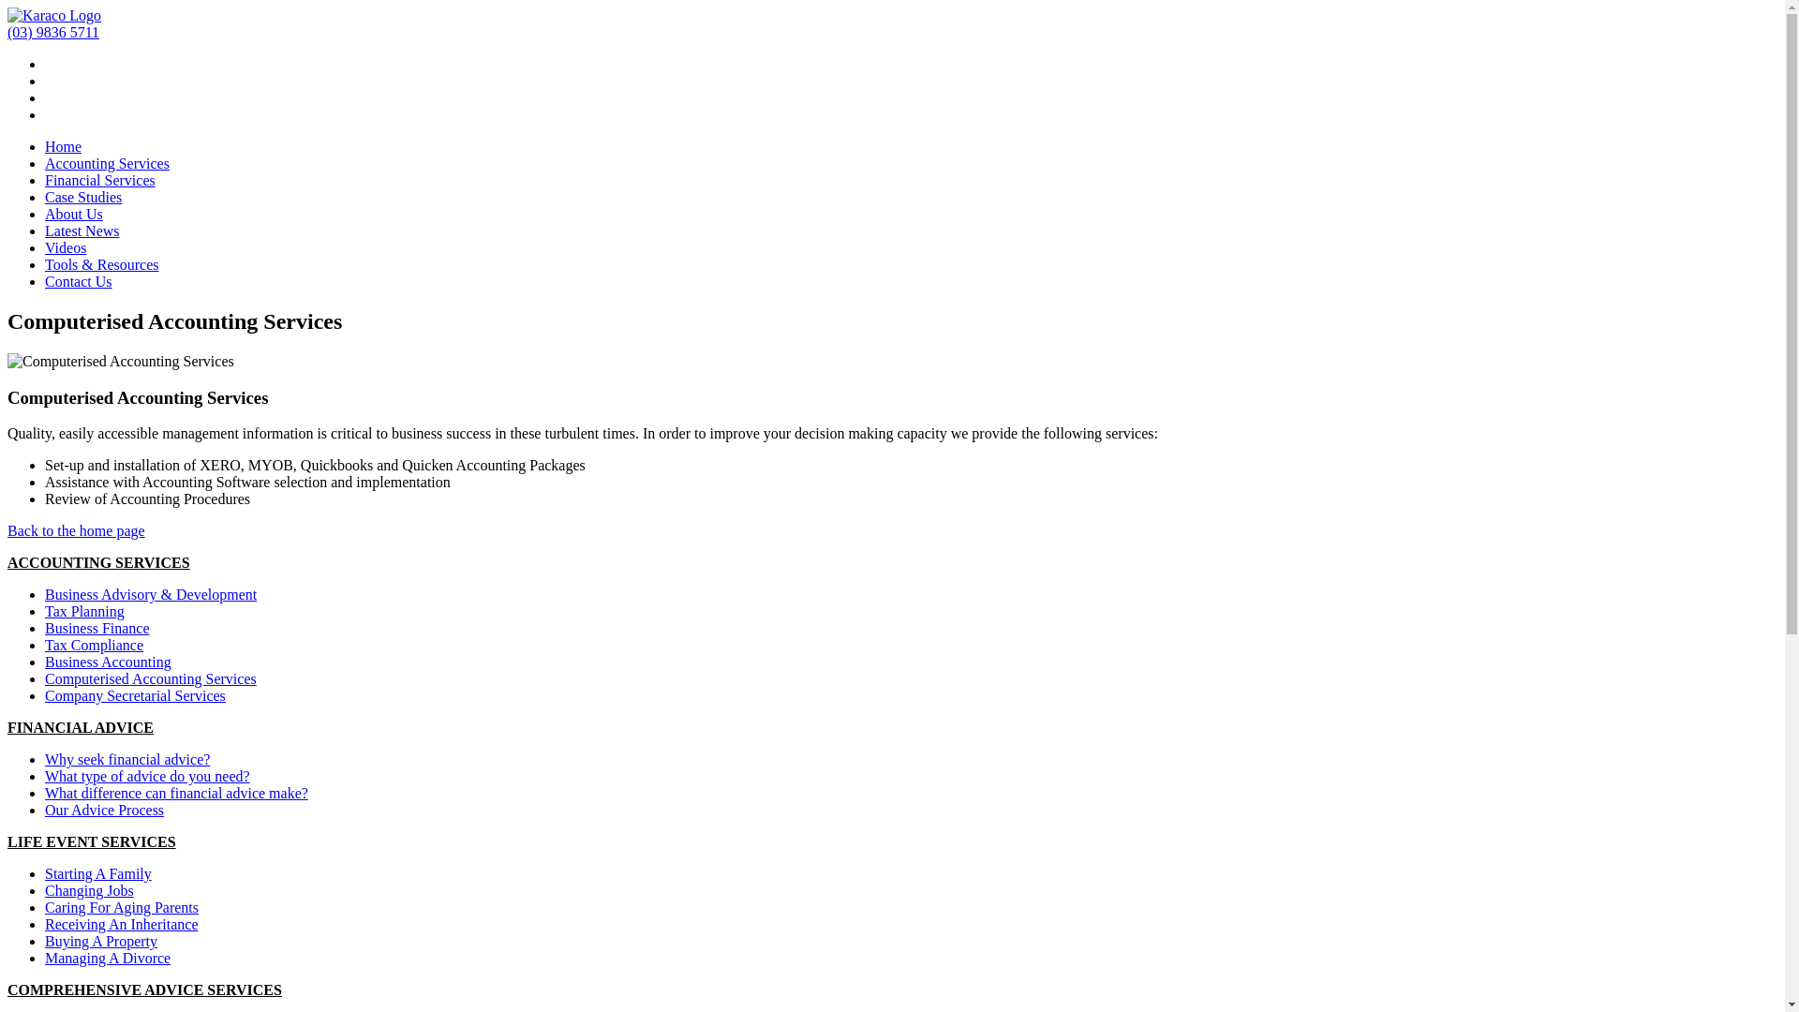 Image resolution: width=1799 pixels, height=1012 pixels. Describe the element at coordinates (134, 695) in the screenshot. I see `'Company Secretarial Services'` at that location.